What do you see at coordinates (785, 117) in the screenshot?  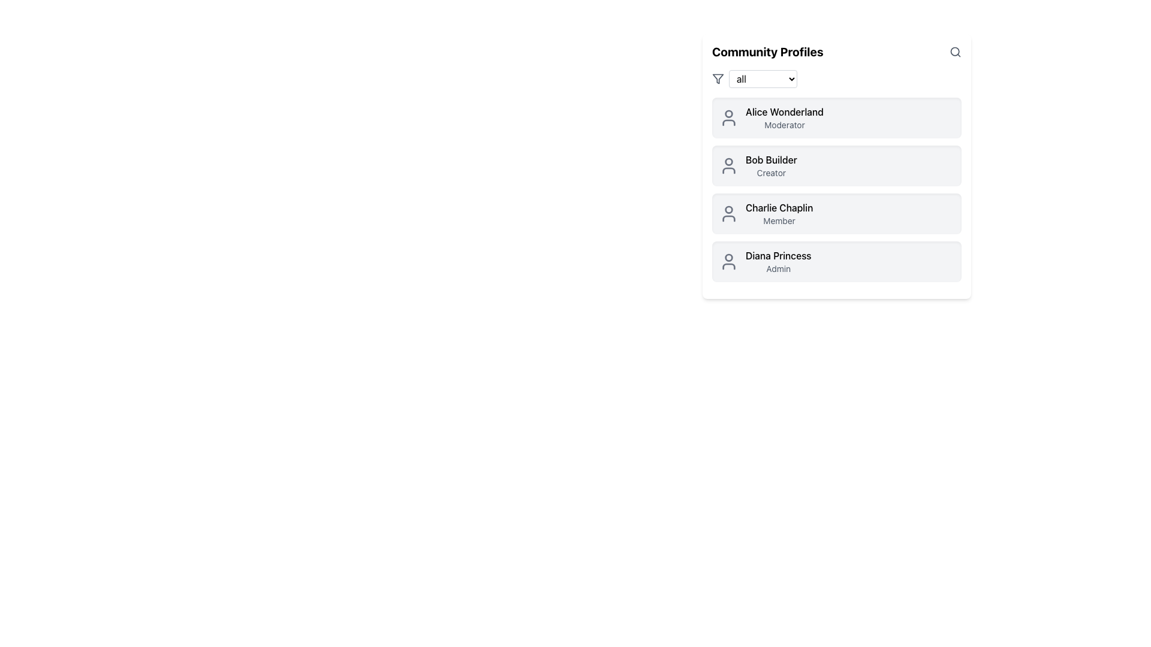 I see `the Text display element that shows the user's name and role, specifically the first profile entry under 'Community Profiles'` at bounding box center [785, 117].